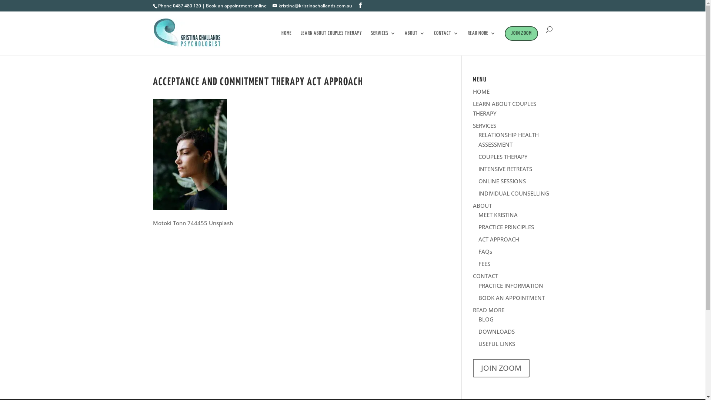  What do you see at coordinates (513, 193) in the screenshot?
I see `'INDIVIDUAL COUNSELLING'` at bounding box center [513, 193].